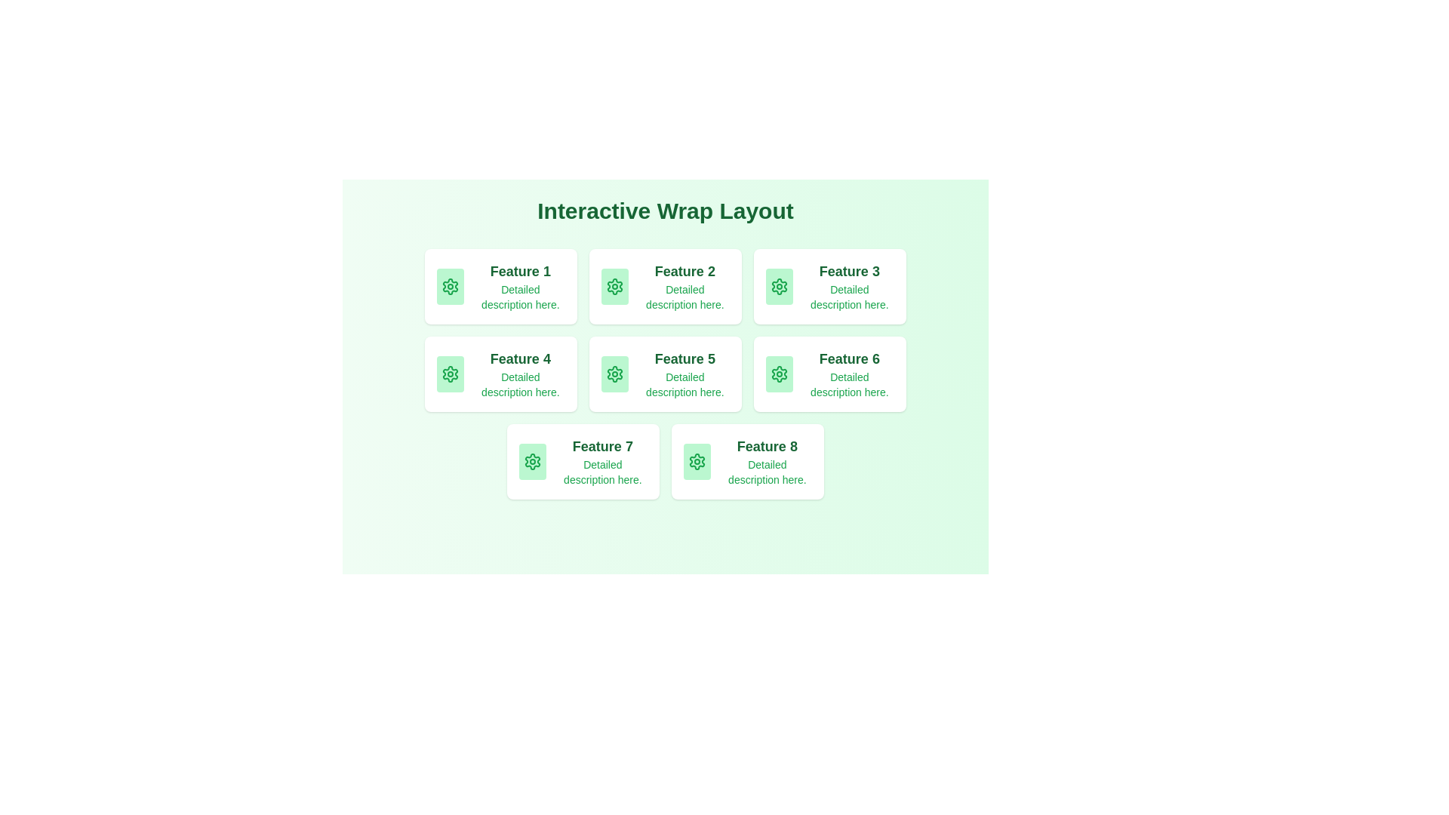  What do you see at coordinates (696, 461) in the screenshot?
I see `the circular Icon button with a green background and a gear icon, located in the bottom row of the layout grid within the 'Feature 8' card` at bounding box center [696, 461].